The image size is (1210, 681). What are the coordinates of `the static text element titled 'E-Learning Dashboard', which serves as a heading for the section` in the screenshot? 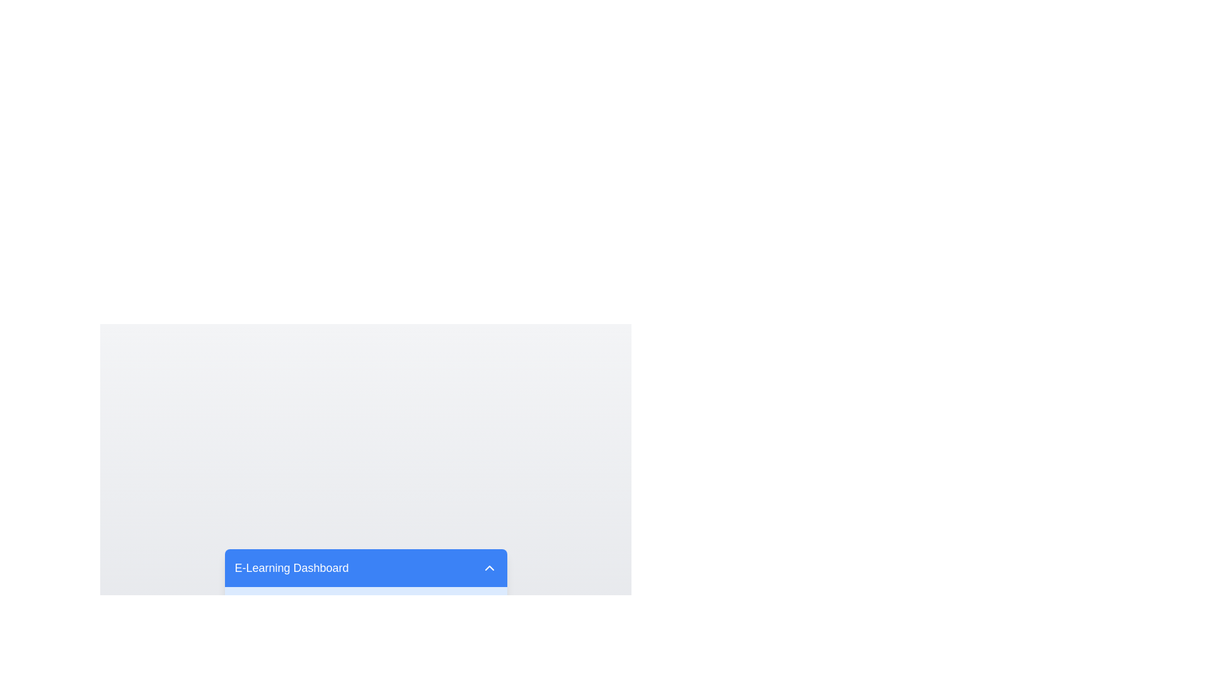 It's located at (291, 568).